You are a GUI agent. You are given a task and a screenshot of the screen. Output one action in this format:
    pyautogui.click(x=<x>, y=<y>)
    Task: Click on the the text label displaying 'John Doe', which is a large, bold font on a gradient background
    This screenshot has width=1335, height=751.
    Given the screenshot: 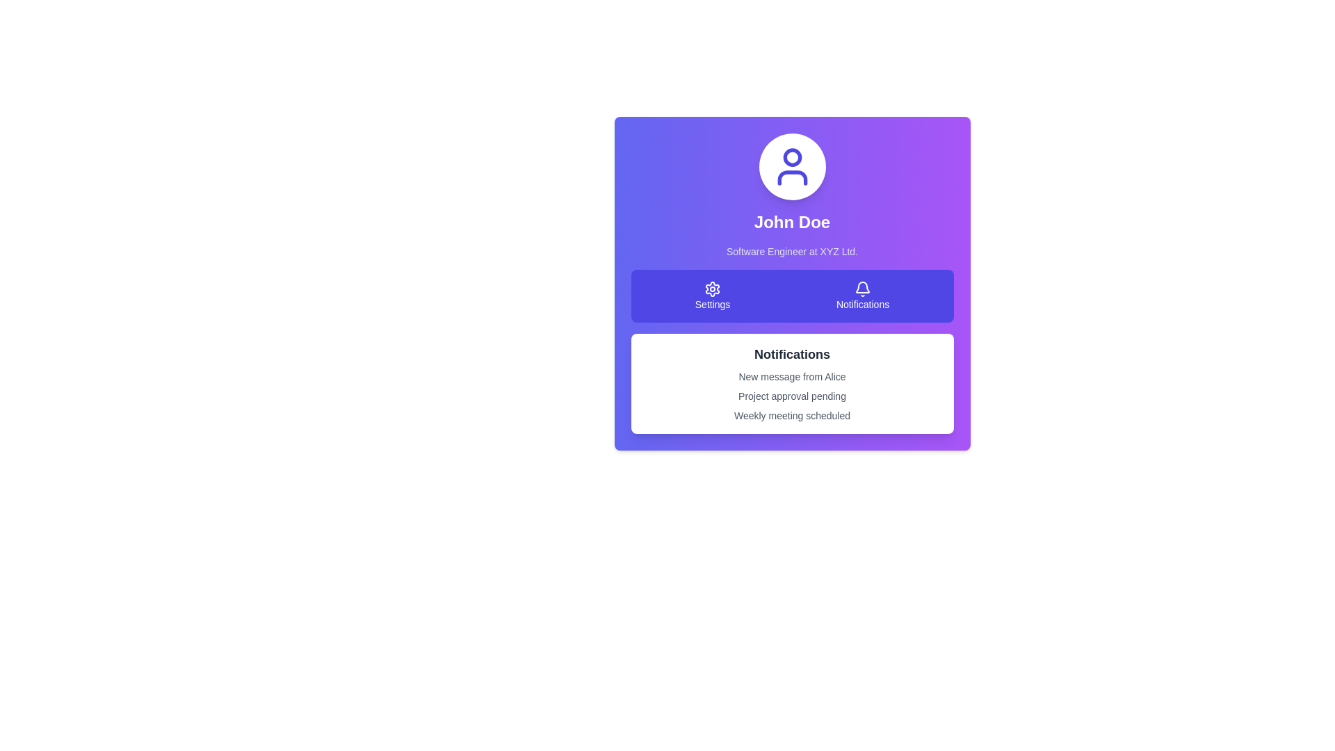 What is the action you would take?
    pyautogui.click(x=792, y=222)
    